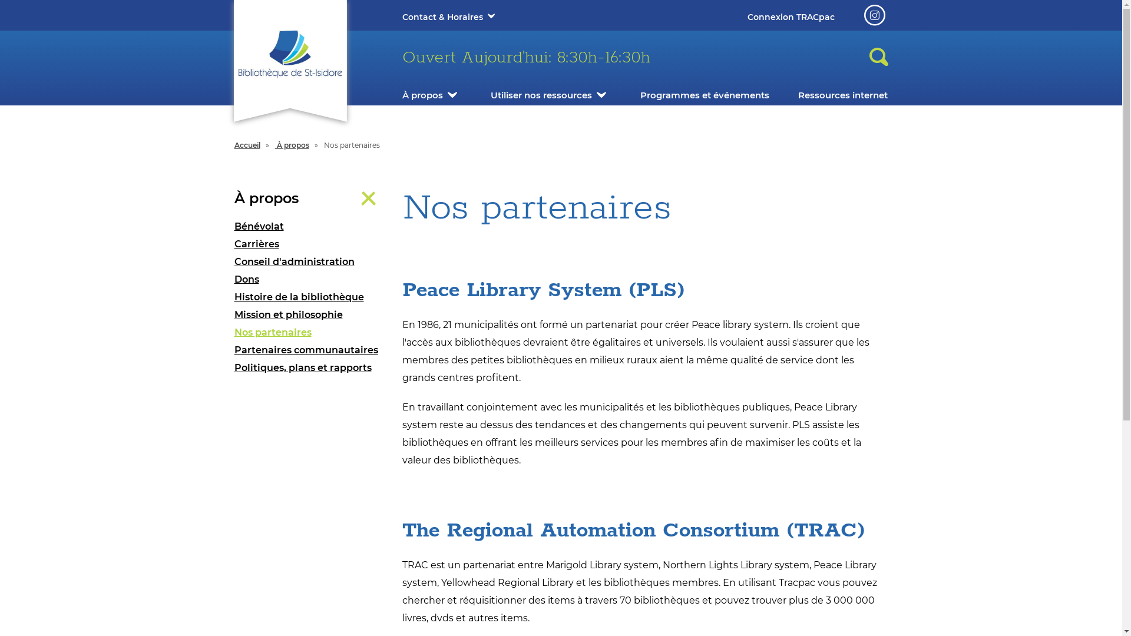 This screenshot has height=636, width=1131. I want to click on 'Mission et philosophie', so click(309, 314).